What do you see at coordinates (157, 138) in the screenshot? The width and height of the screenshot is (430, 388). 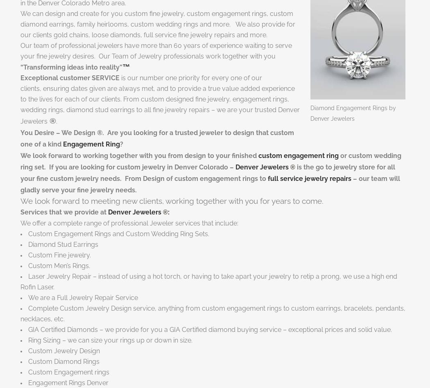 I see `'You Desire – We Design ®.  Are you looking for a trusted jeweler to design that custom one of a kind'` at bounding box center [157, 138].